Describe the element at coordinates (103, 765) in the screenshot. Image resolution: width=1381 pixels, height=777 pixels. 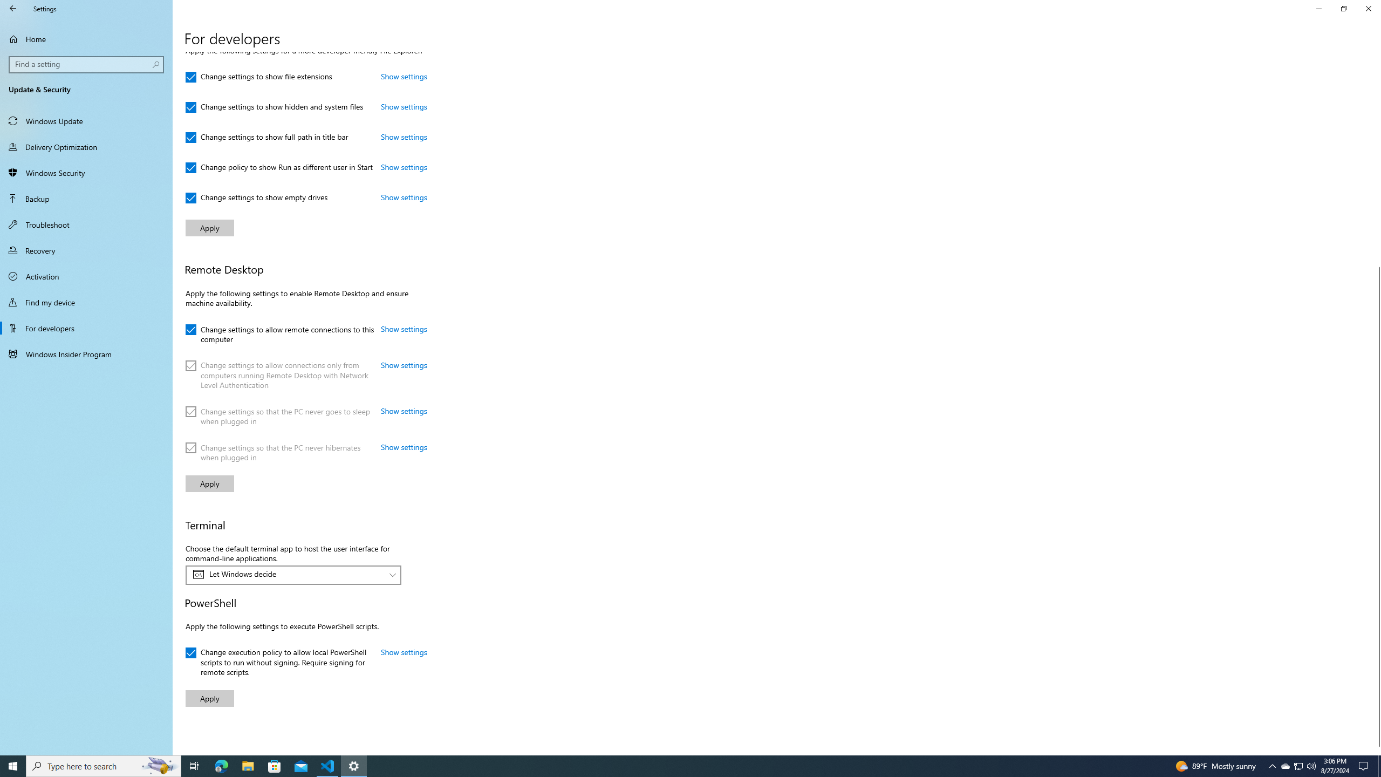
I see `'Type here to search'` at that location.